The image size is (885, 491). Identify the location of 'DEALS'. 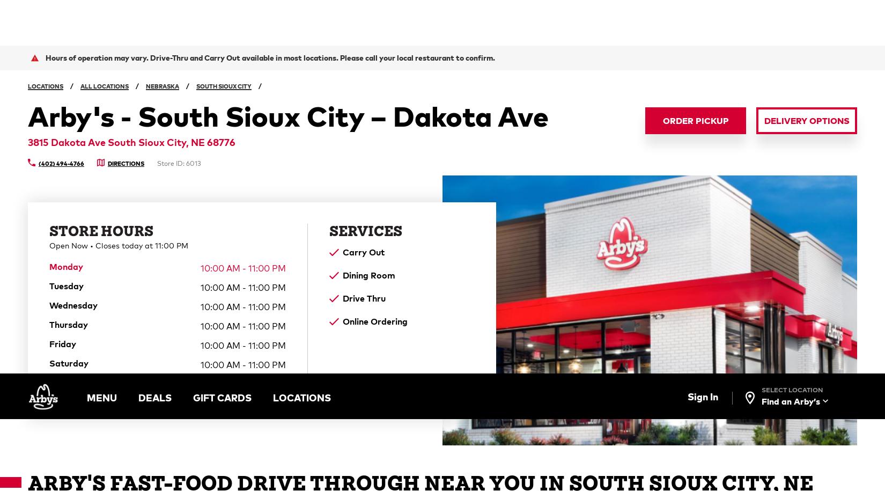
(138, 24).